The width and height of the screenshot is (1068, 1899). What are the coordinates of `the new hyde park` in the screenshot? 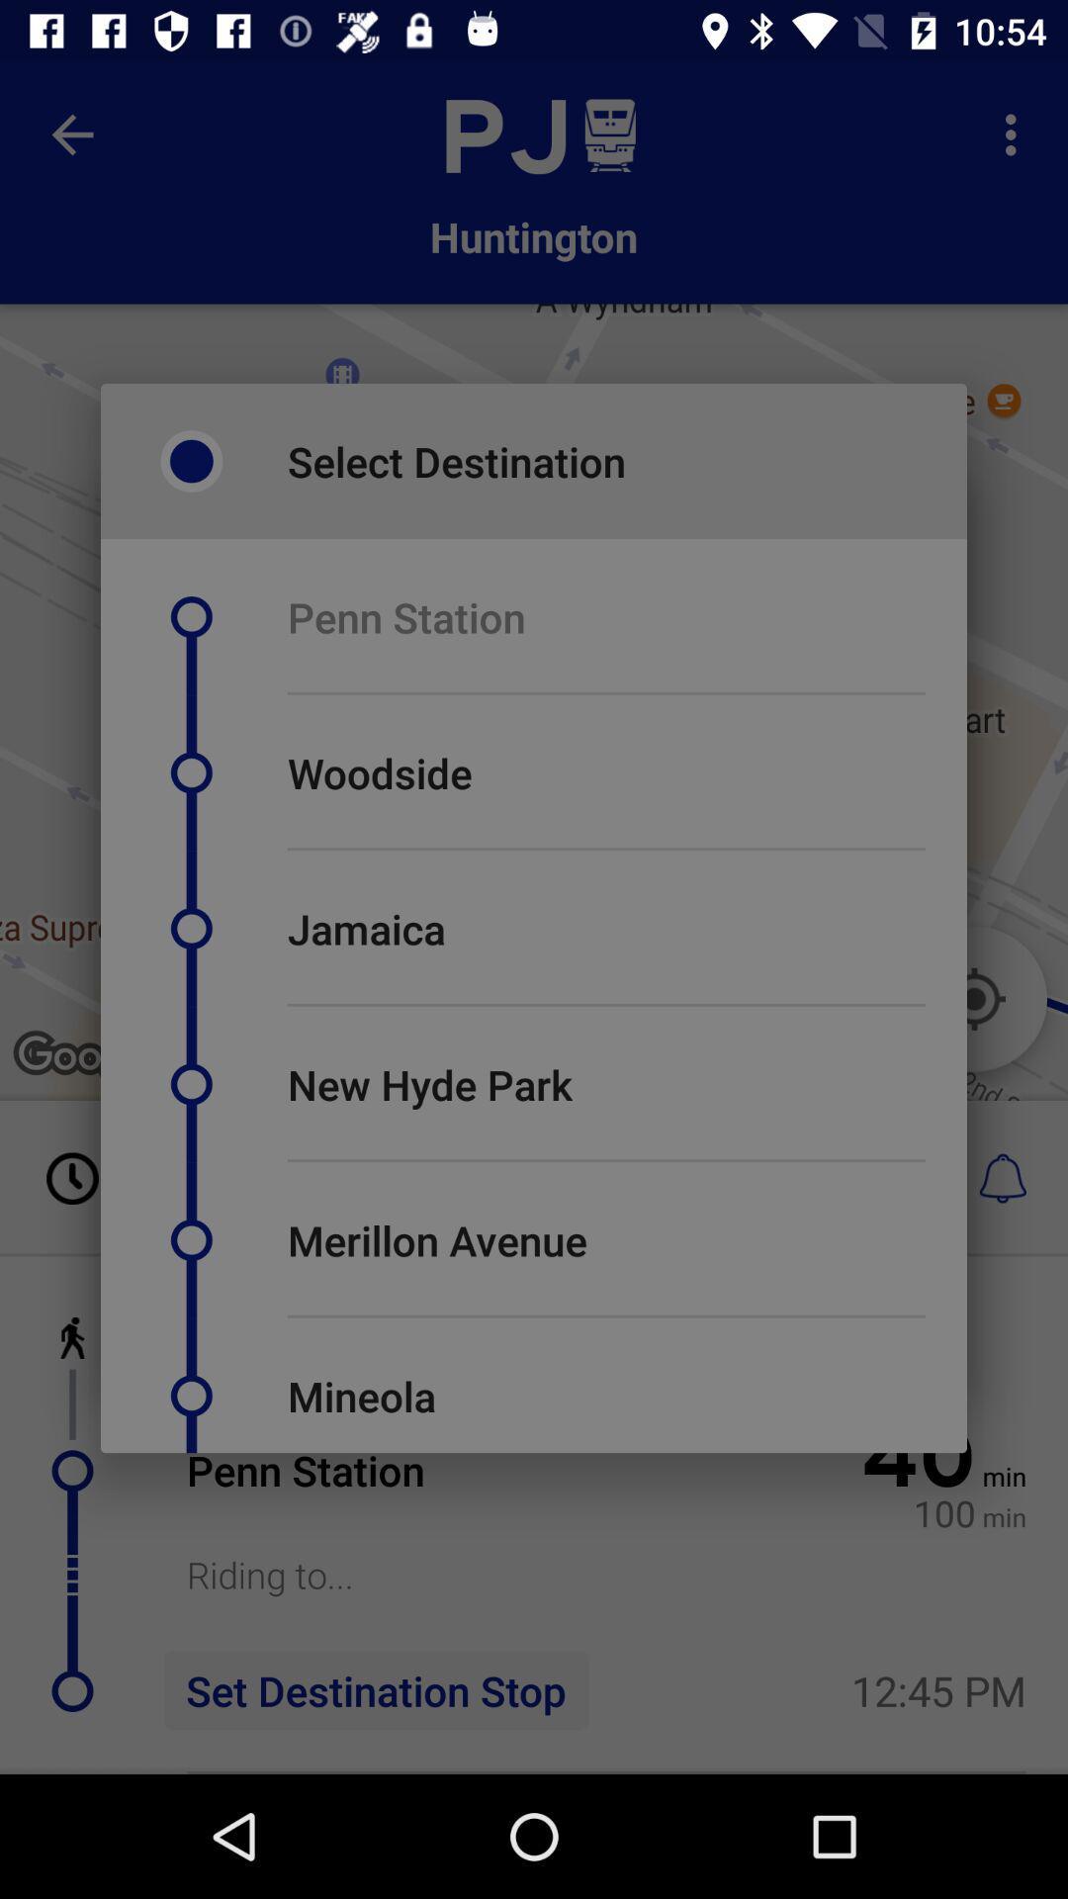 It's located at (429, 1083).